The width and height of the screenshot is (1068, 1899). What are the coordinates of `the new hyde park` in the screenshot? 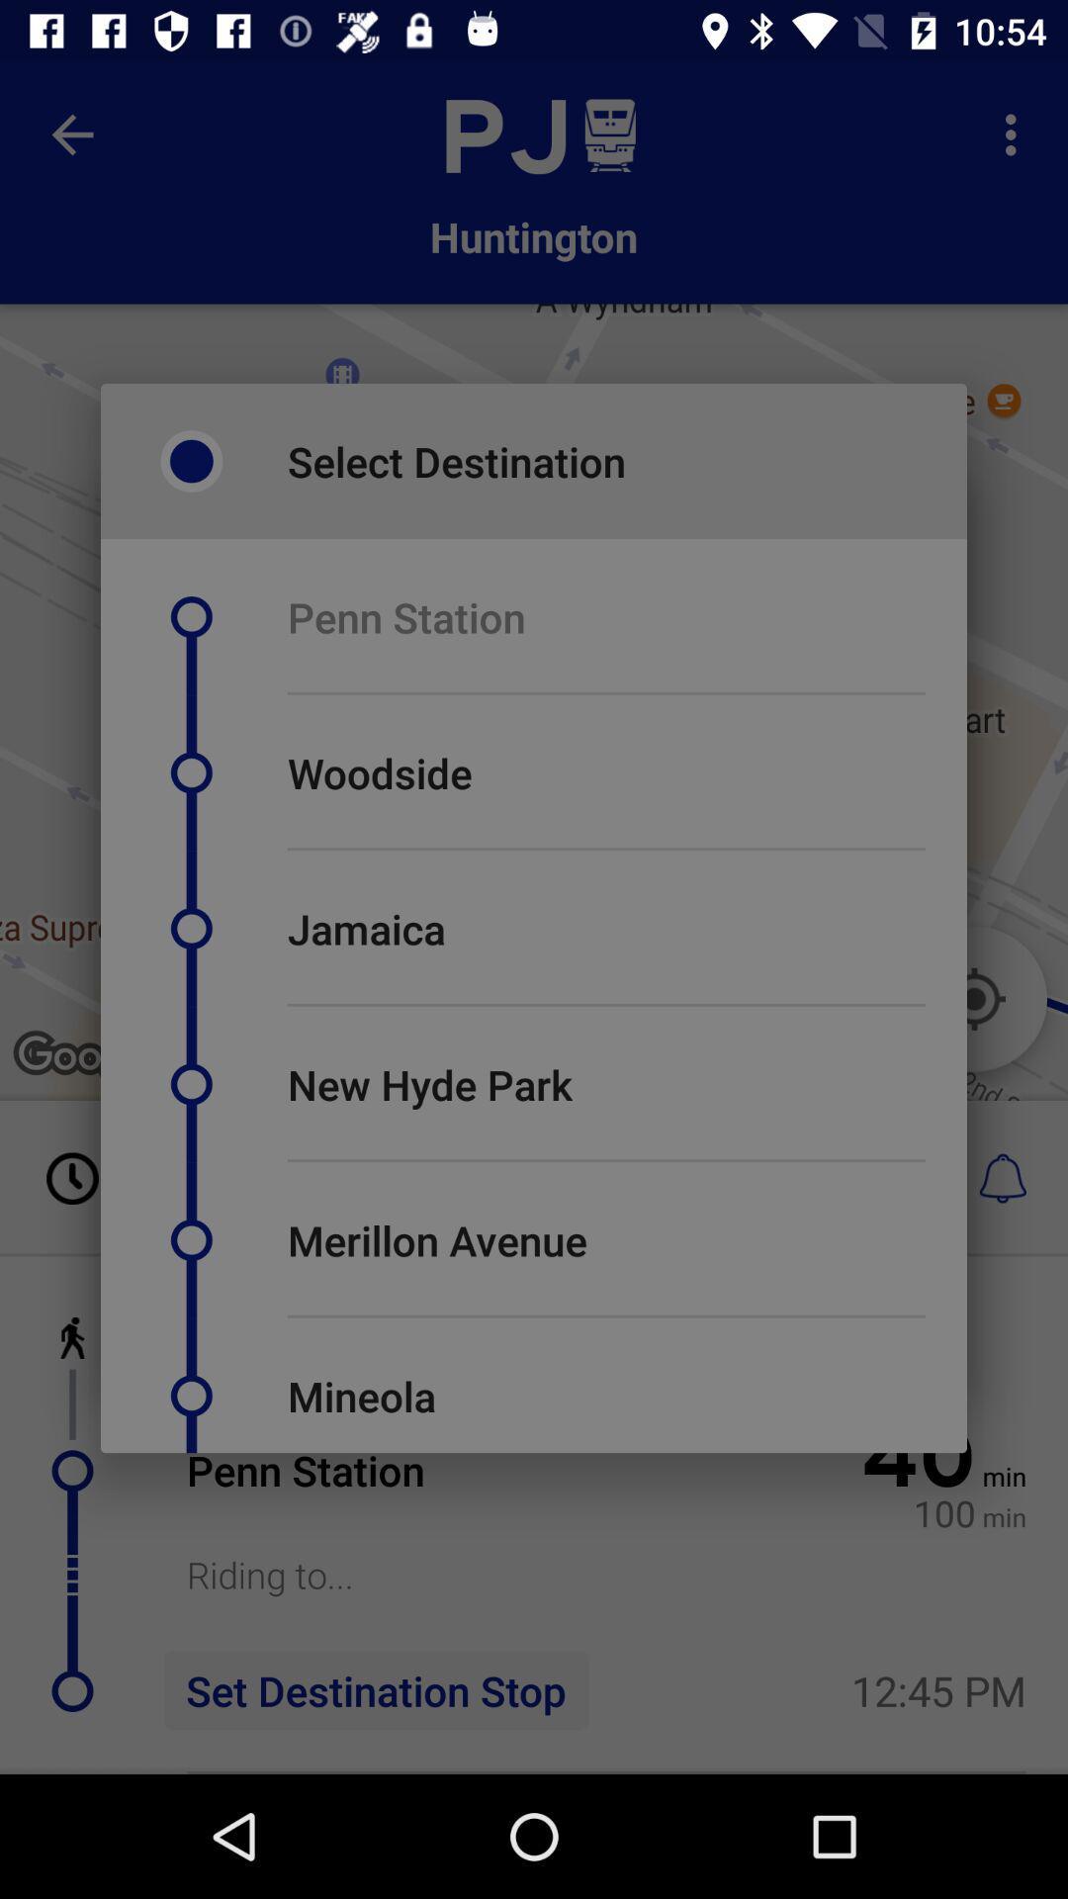 It's located at (429, 1083).